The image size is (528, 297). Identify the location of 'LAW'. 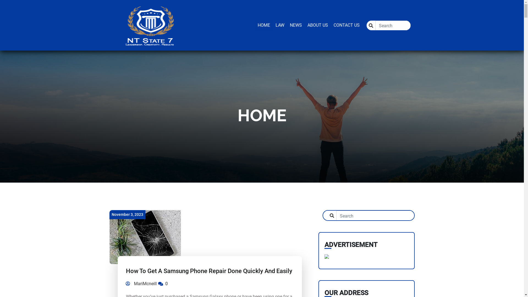
(280, 25).